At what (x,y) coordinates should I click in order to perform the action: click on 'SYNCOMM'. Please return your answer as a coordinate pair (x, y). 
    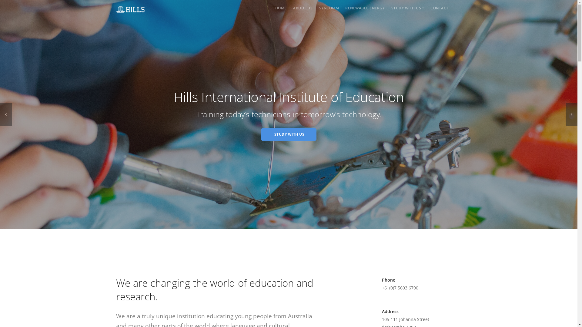
    Looking at the image, I should click on (329, 8).